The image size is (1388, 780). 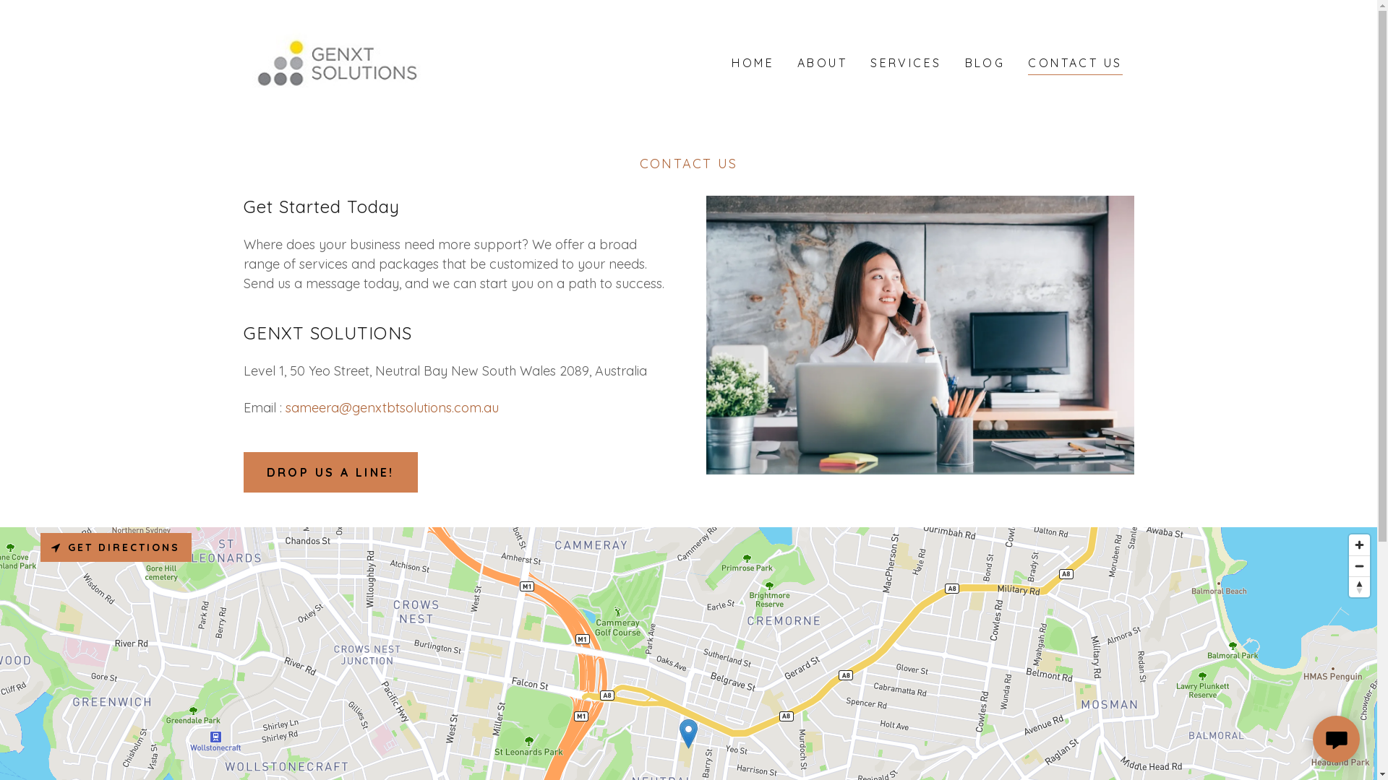 What do you see at coordinates (1358, 587) in the screenshot?
I see `'Reset bearing to north'` at bounding box center [1358, 587].